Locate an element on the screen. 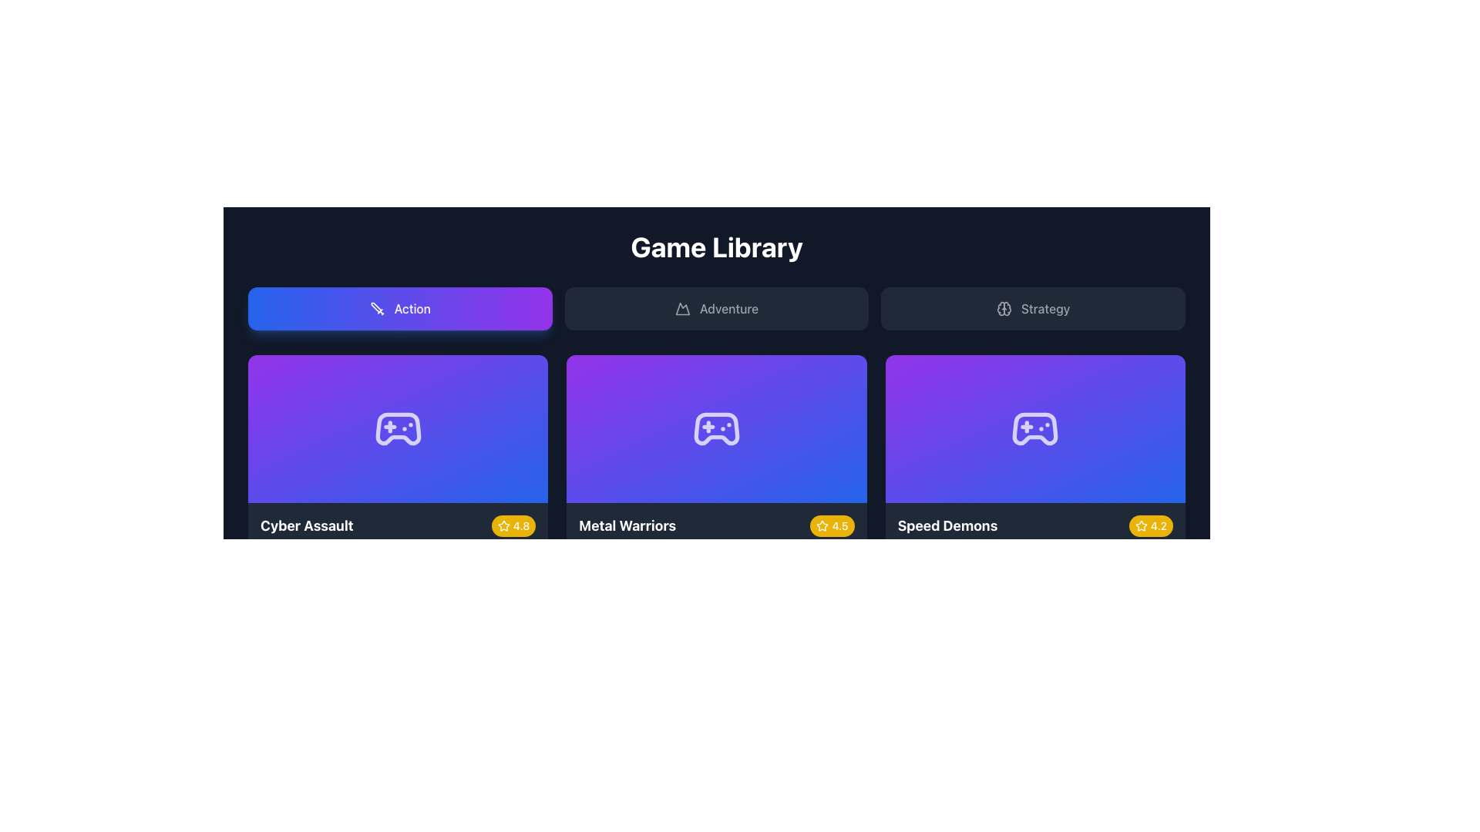 The image size is (1480, 832). the visual thumbnail for the game 'Metal Warriors' located in the second panel of the game selection row in the 'Game Library' section is located at coordinates (716, 428).